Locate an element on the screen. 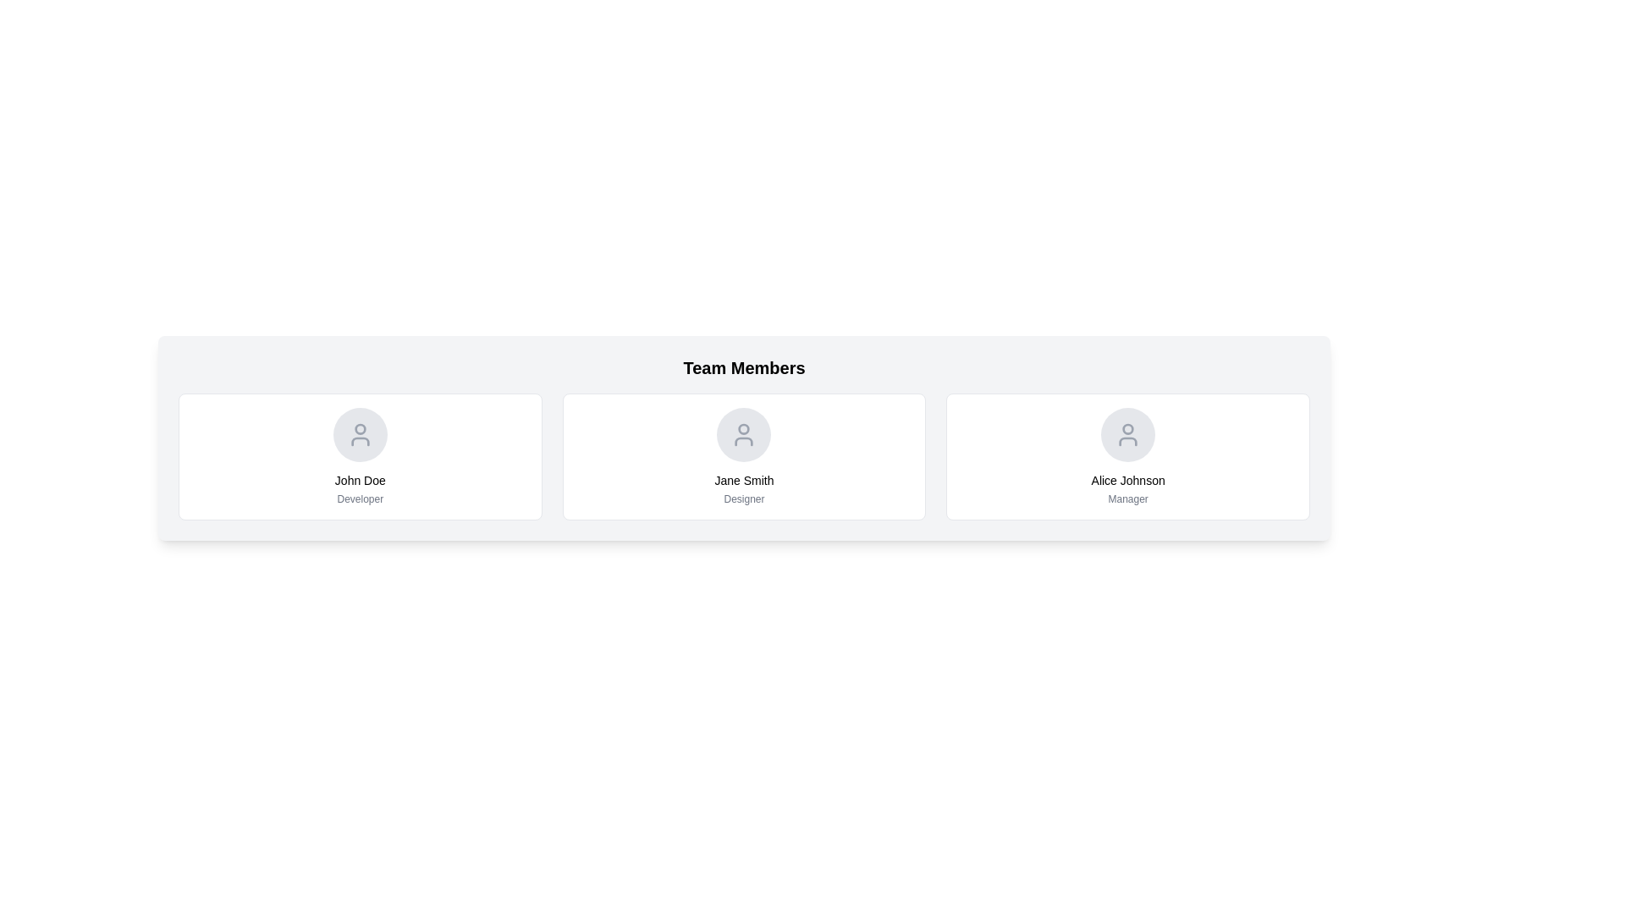 This screenshot has width=1625, height=914. name displayed on the text element located in the middle of the second card under 'Team Members' is located at coordinates (744, 480).